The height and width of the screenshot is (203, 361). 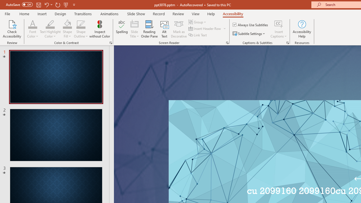 What do you see at coordinates (81, 29) in the screenshot?
I see `'Shape Outline'` at bounding box center [81, 29].